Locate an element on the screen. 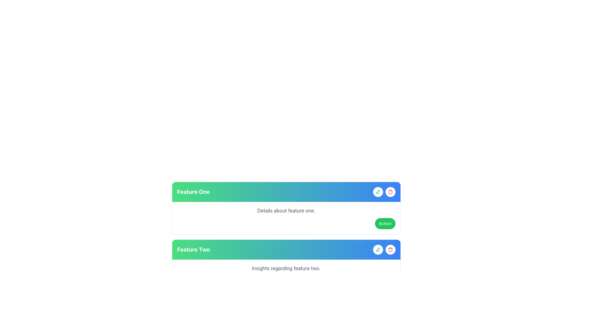 Image resolution: width=597 pixels, height=335 pixels. the circular button with a white background and red border, featuring a red trash can icon, located to the right of a pencil-shaped button is located at coordinates (390, 249).